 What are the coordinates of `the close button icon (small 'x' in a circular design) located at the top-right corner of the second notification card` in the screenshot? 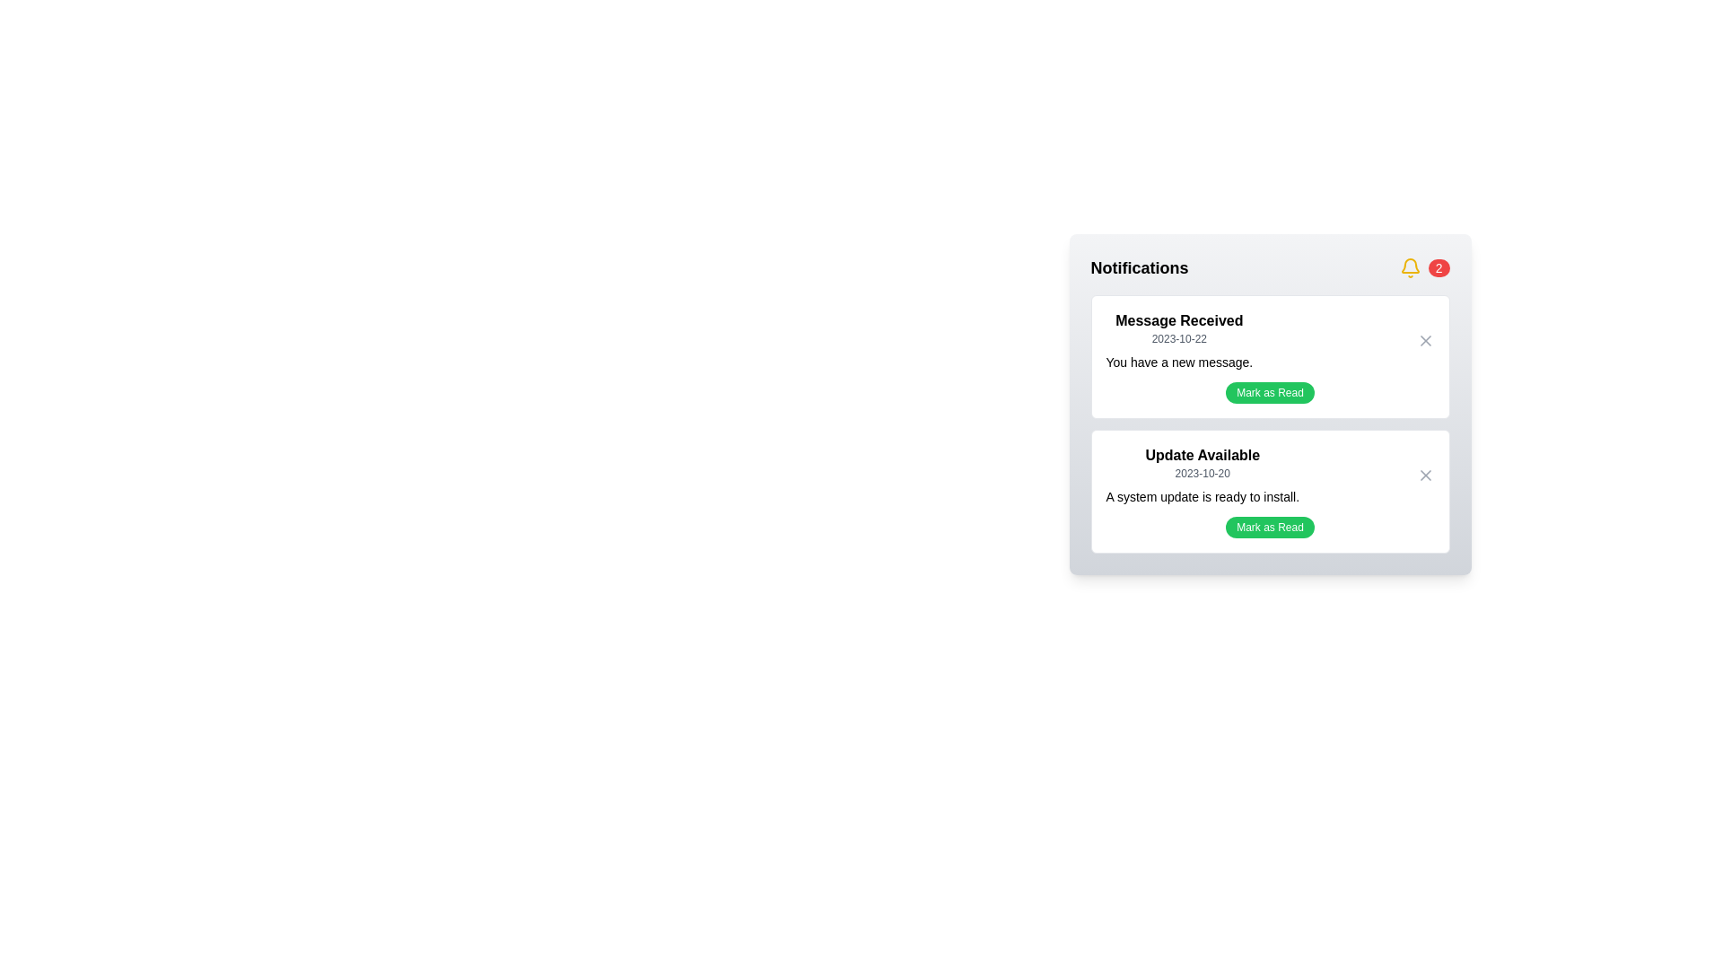 It's located at (1424, 474).